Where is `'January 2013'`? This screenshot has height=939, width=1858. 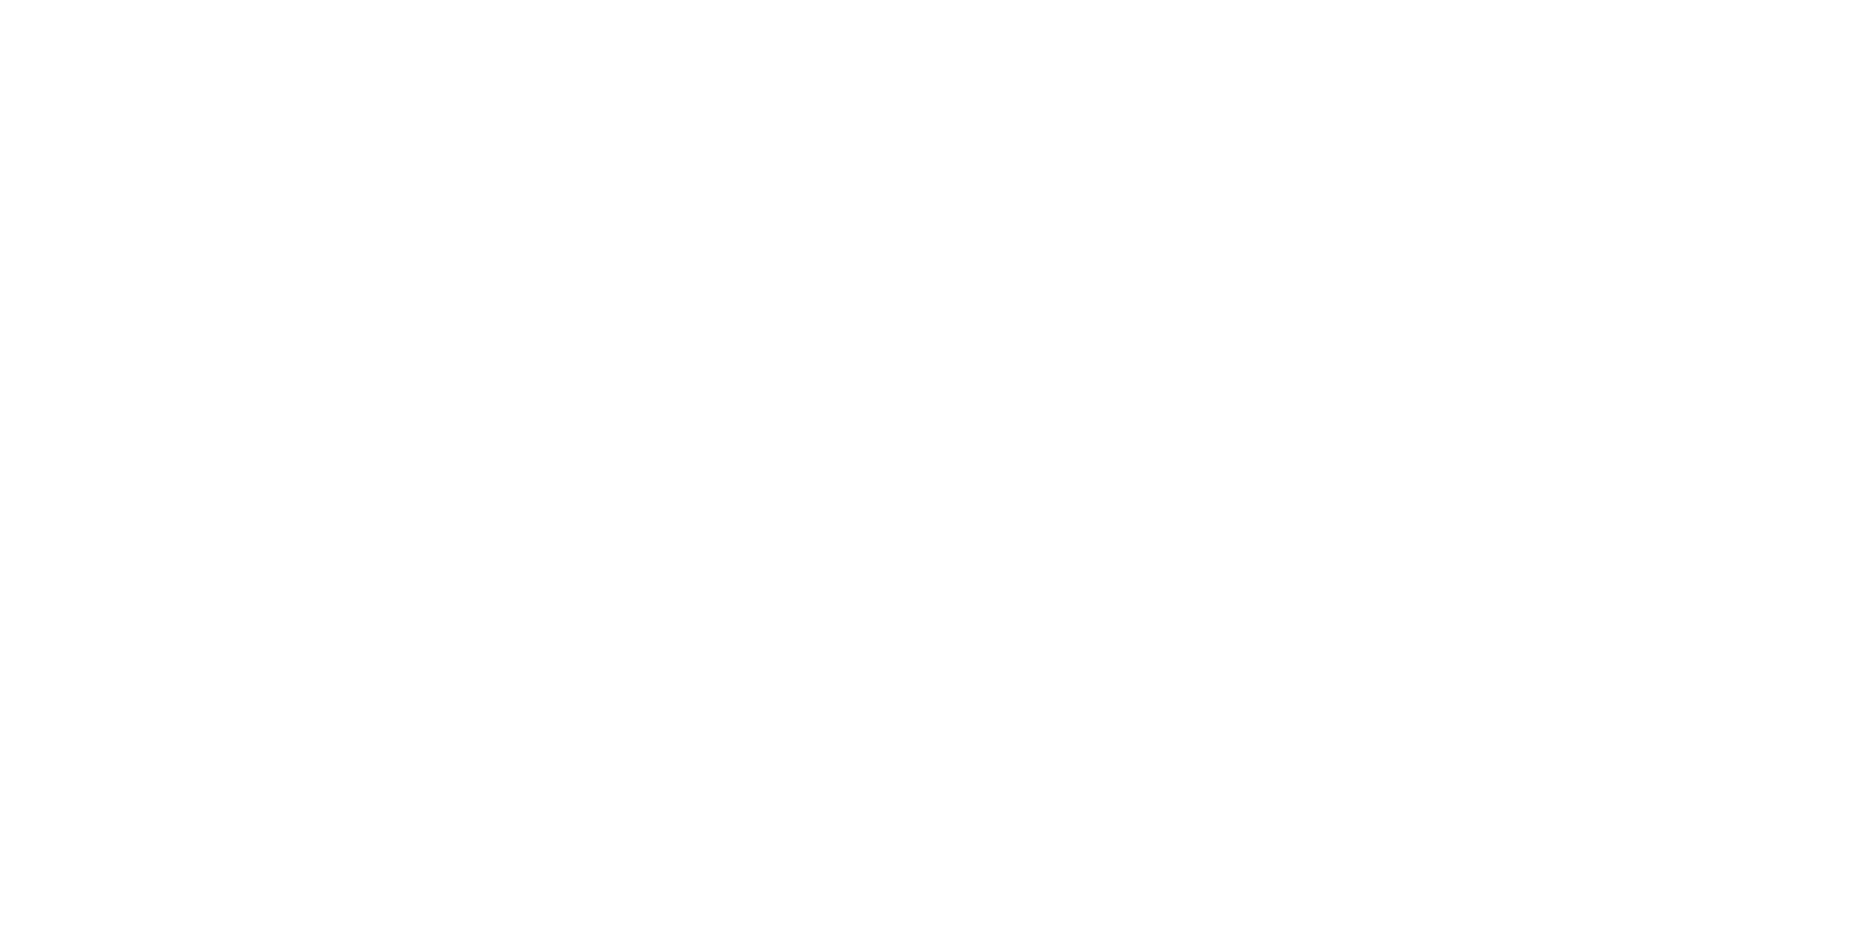
'January 2013' is located at coordinates (1221, 238).